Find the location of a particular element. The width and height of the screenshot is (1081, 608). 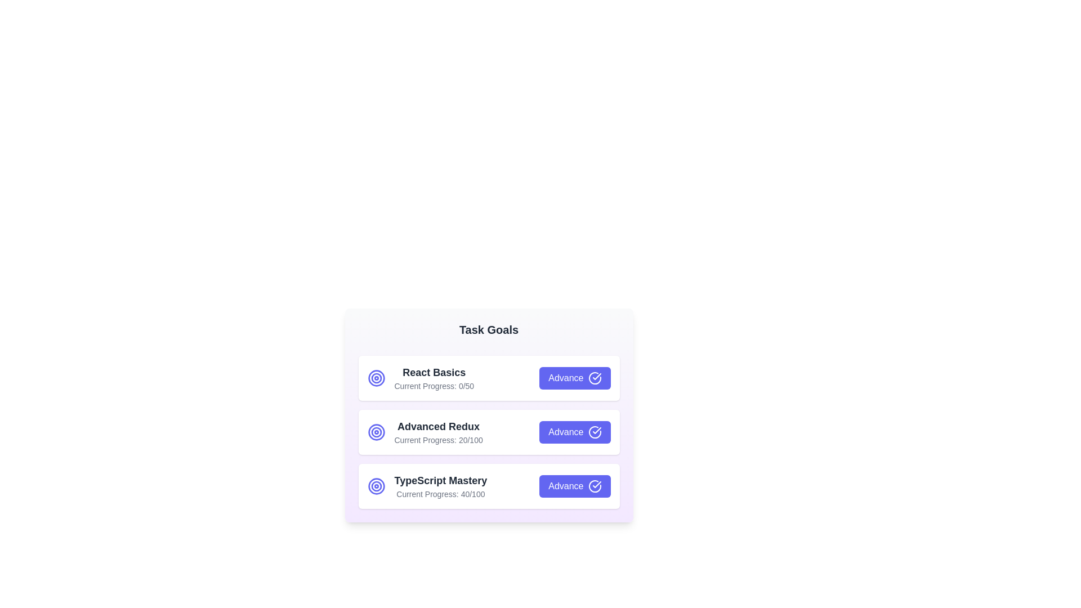

the informational Text block that displays the task titled 'React Basics' and its current progress (0 out of 50) within the 'Task Goals' section is located at coordinates (434, 378).